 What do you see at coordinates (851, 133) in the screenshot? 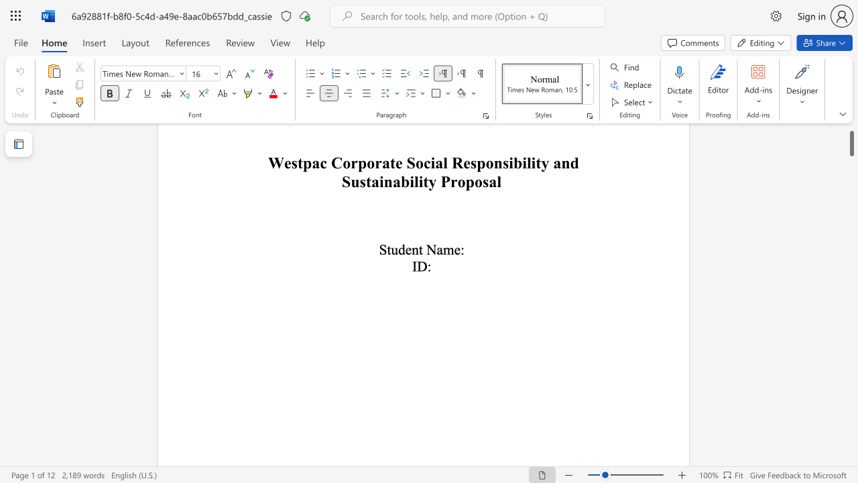
I see `the scrollbar and move up 140 pixels` at bounding box center [851, 133].